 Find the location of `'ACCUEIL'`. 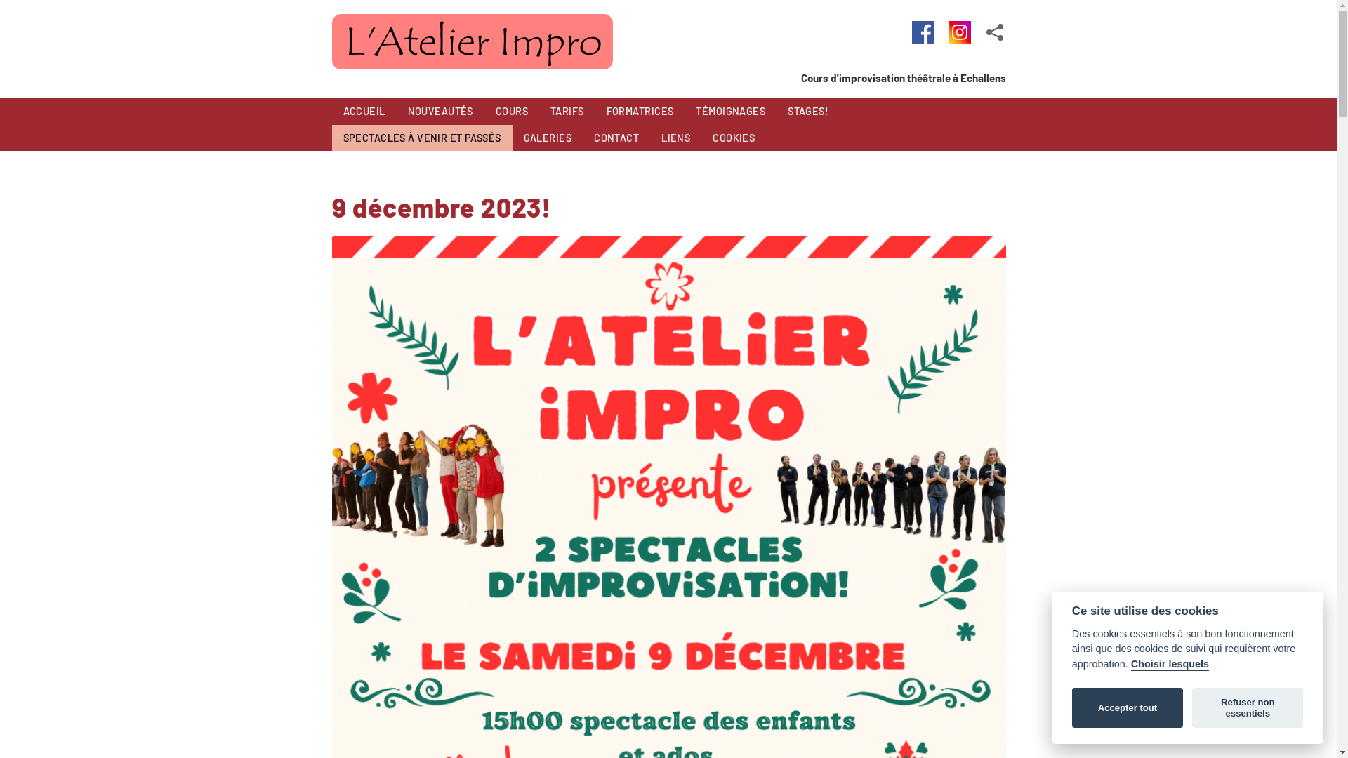

'ACCUEIL' is located at coordinates (364, 110).